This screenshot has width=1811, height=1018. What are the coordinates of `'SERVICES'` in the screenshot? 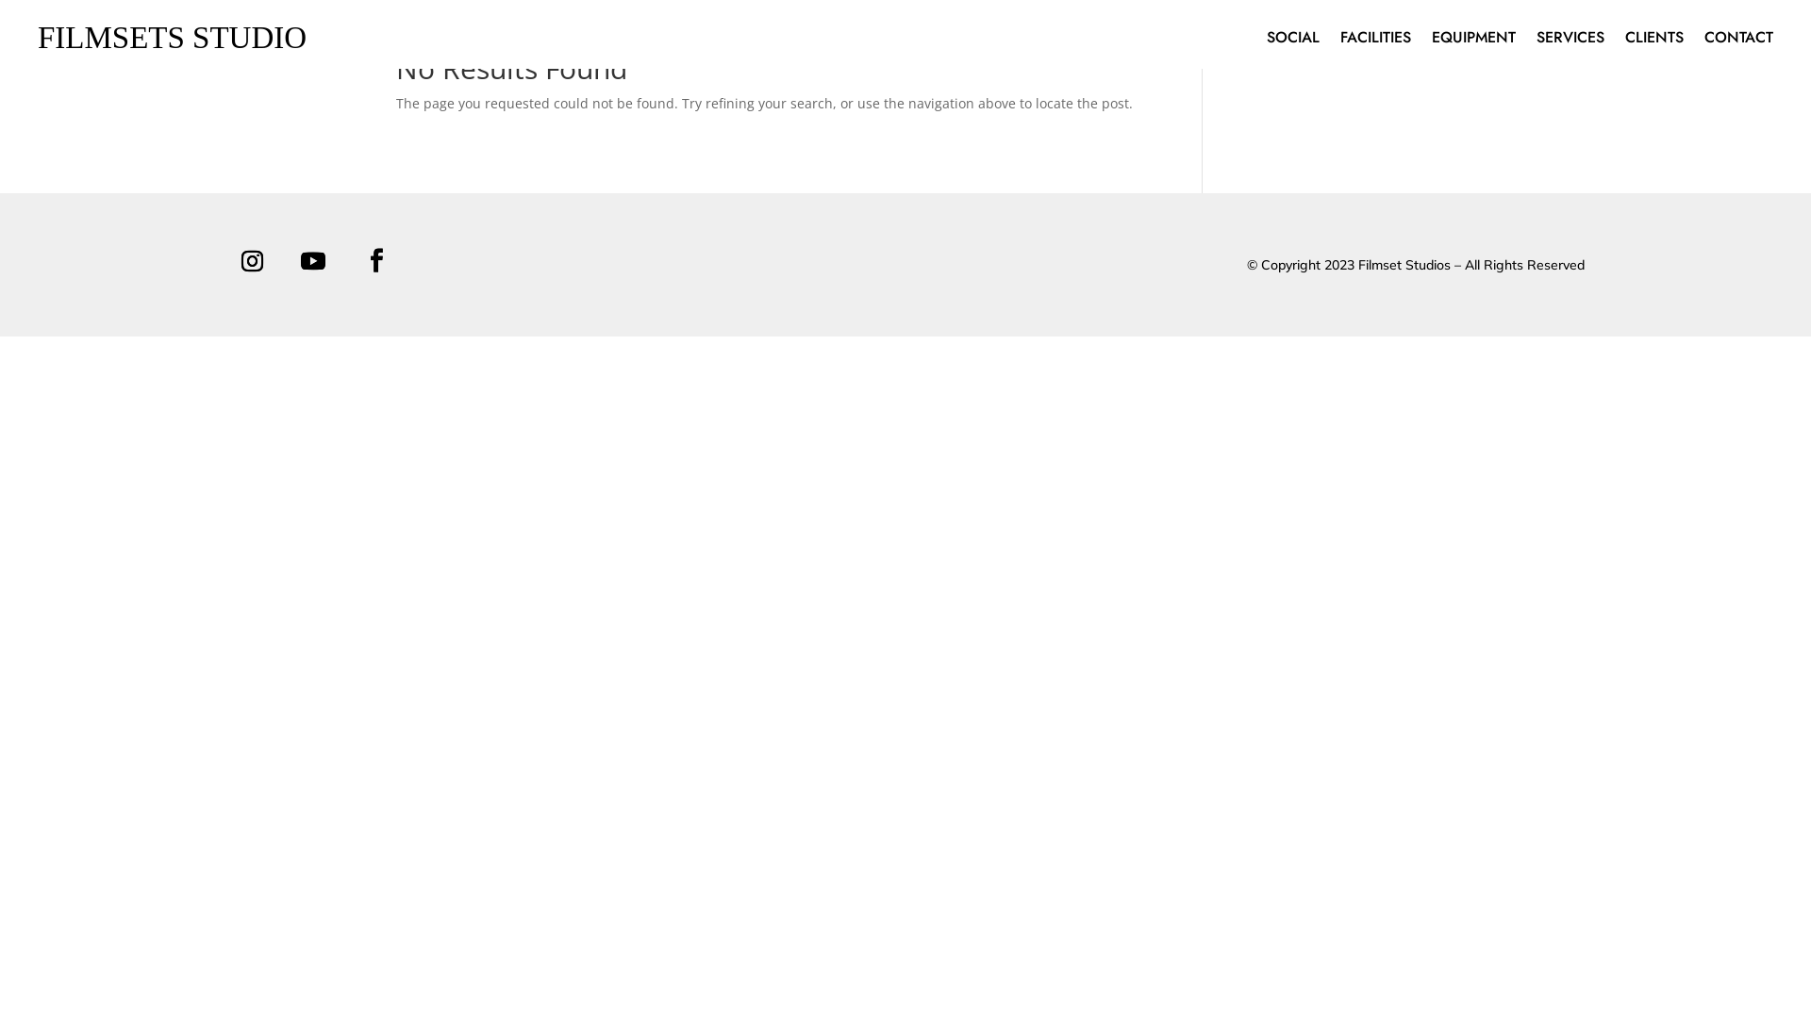 It's located at (1570, 41).